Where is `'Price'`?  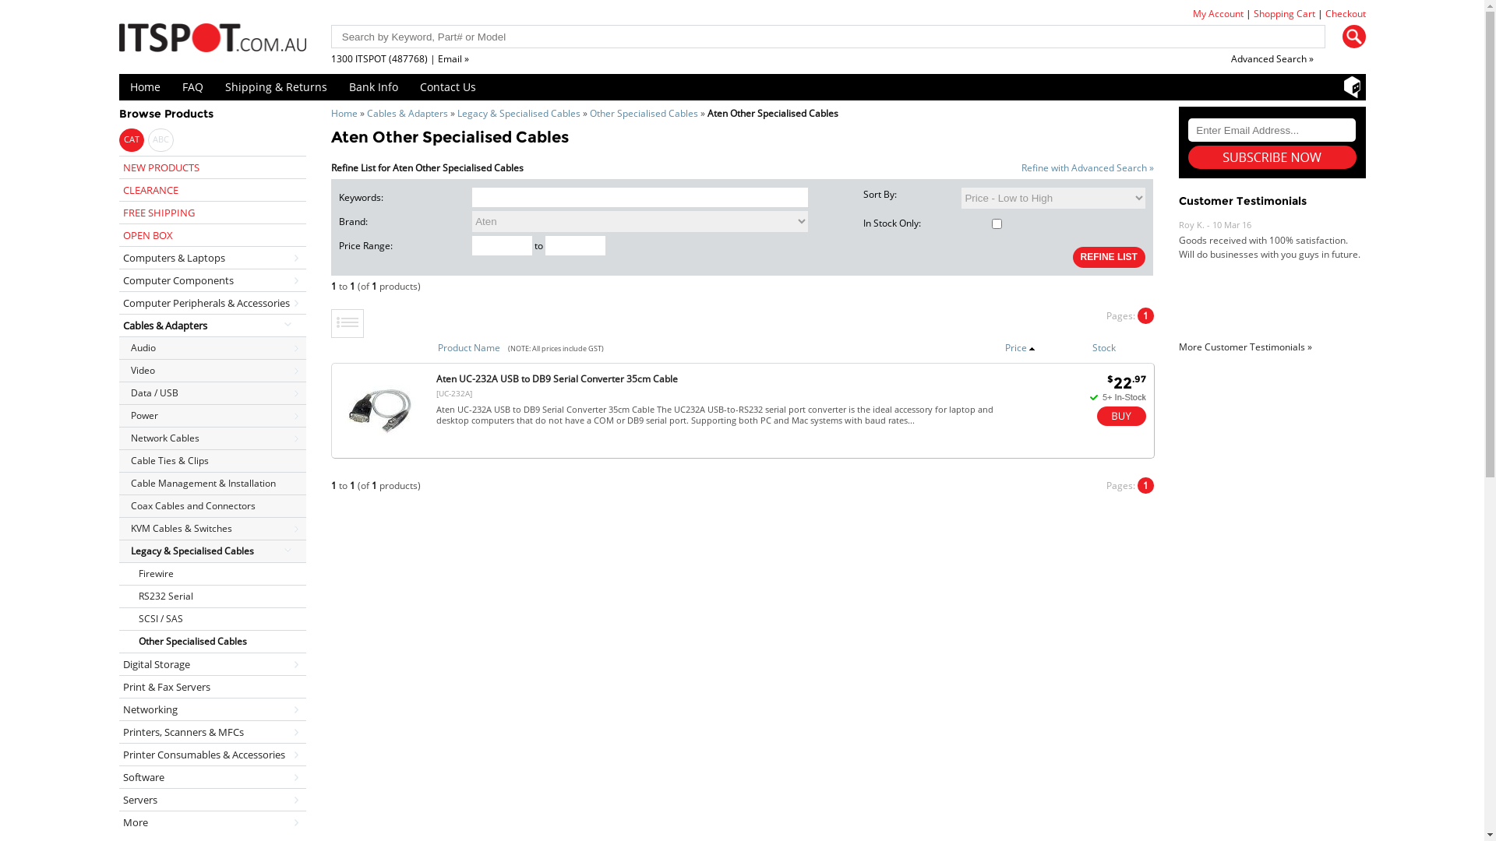
'Price' is located at coordinates (1020, 347).